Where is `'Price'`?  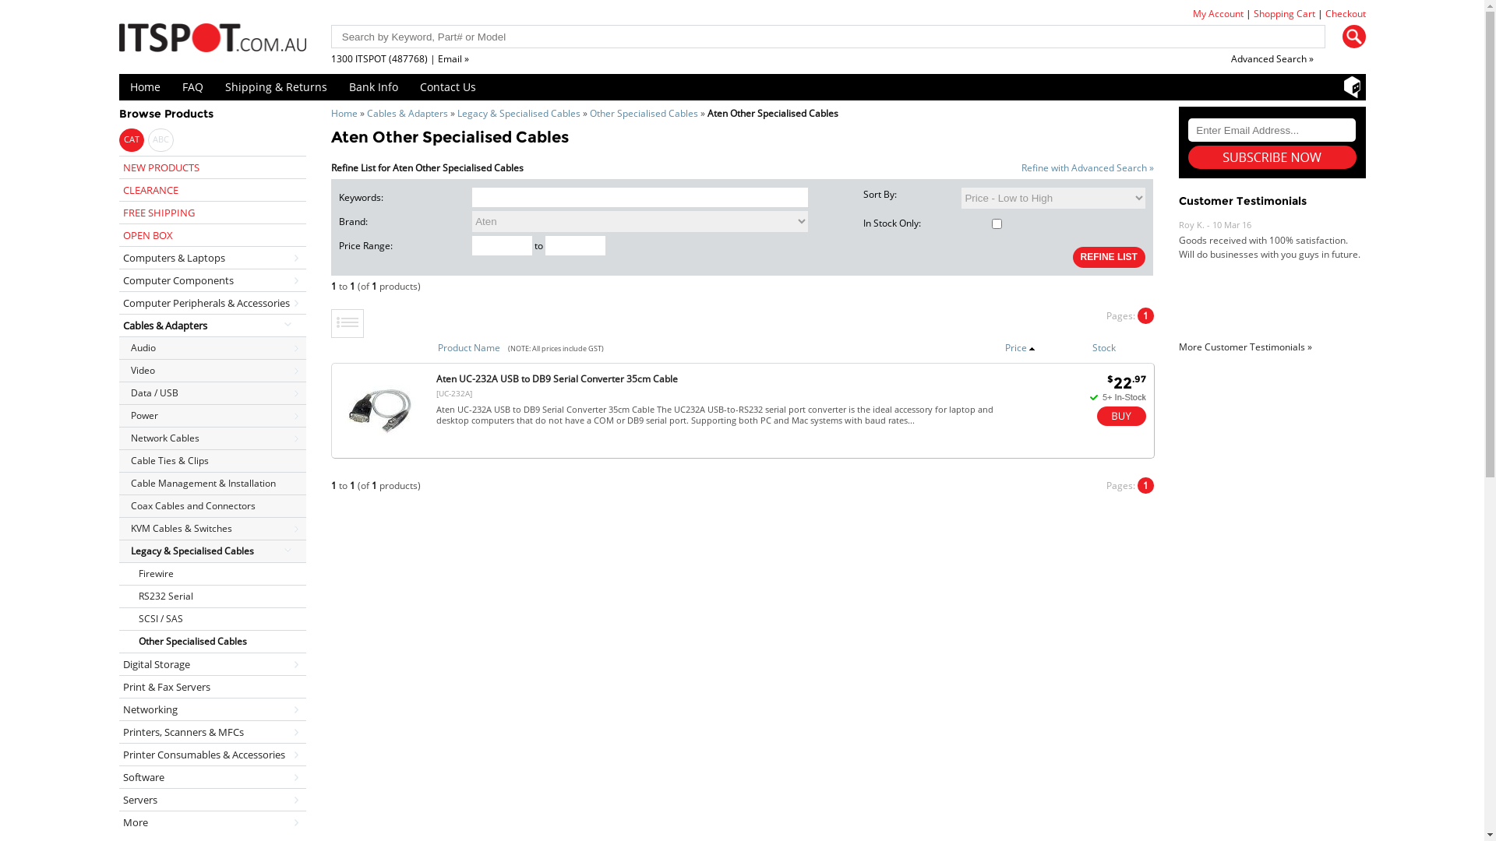
'Price' is located at coordinates (1020, 347).